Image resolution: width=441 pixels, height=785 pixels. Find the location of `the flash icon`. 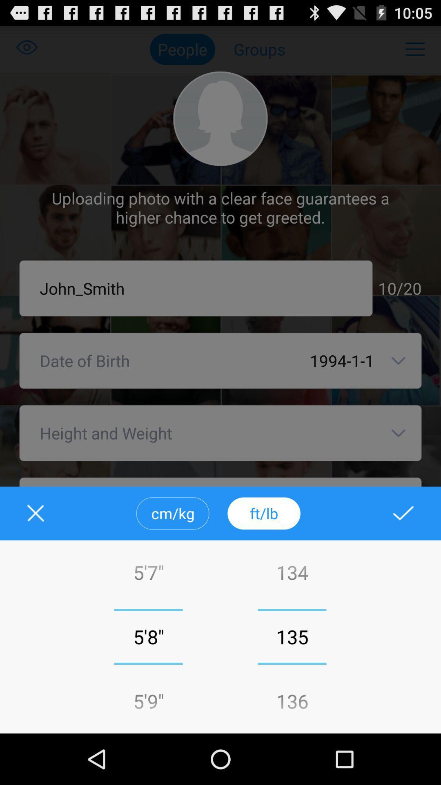

the flash icon is located at coordinates (397, 549).